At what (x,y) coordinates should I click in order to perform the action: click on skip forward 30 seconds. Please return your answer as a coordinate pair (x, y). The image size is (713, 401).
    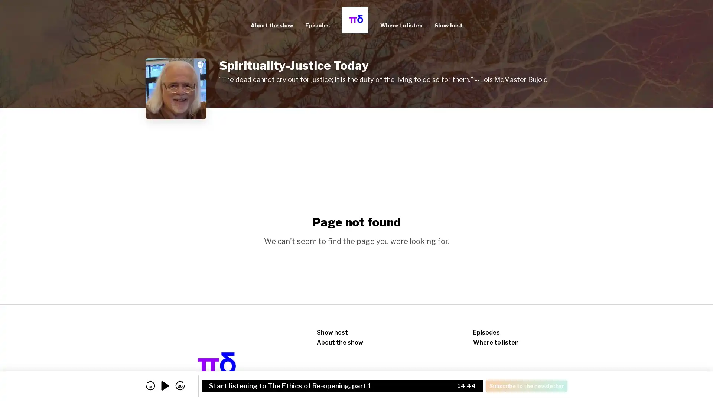
    Looking at the image, I should click on (180, 385).